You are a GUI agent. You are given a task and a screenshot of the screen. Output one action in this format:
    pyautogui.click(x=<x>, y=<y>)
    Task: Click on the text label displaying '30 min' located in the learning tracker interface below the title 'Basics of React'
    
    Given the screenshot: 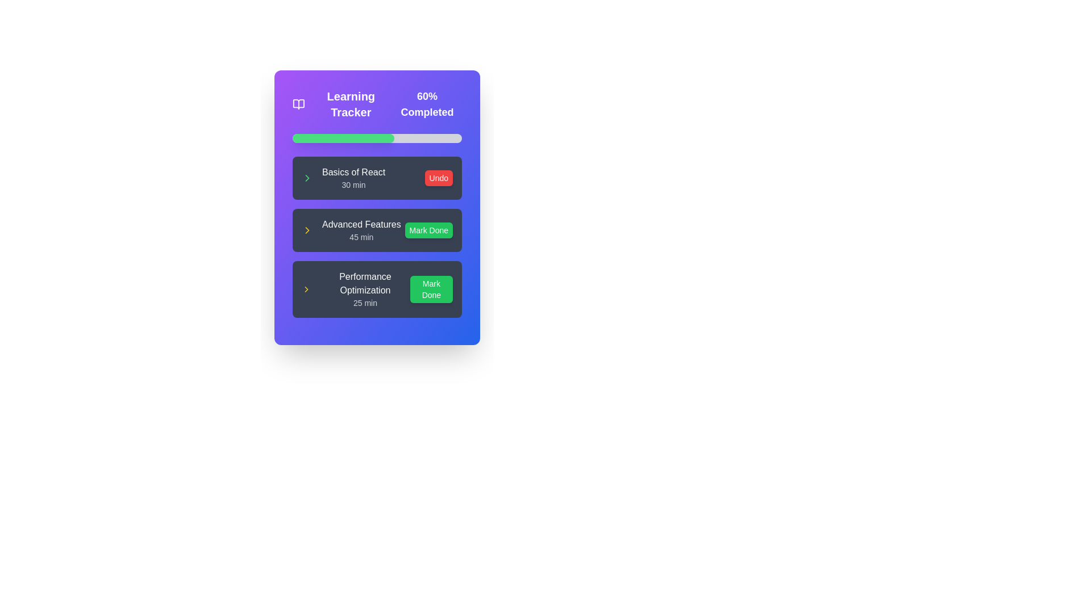 What is the action you would take?
    pyautogui.click(x=353, y=184)
    